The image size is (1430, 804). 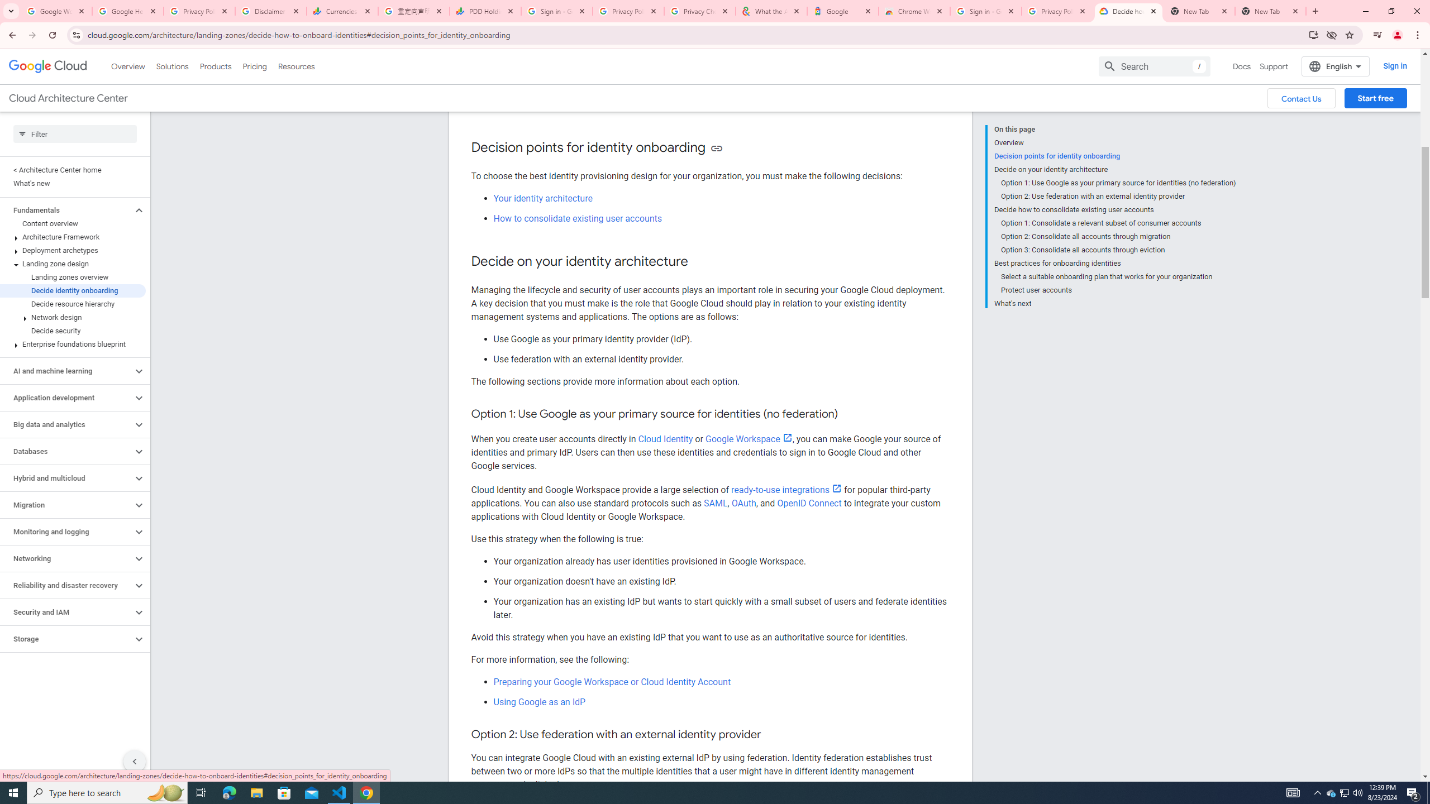 What do you see at coordinates (1114, 156) in the screenshot?
I see `'Decision points for identity onboarding'` at bounding box center [1114, 156].